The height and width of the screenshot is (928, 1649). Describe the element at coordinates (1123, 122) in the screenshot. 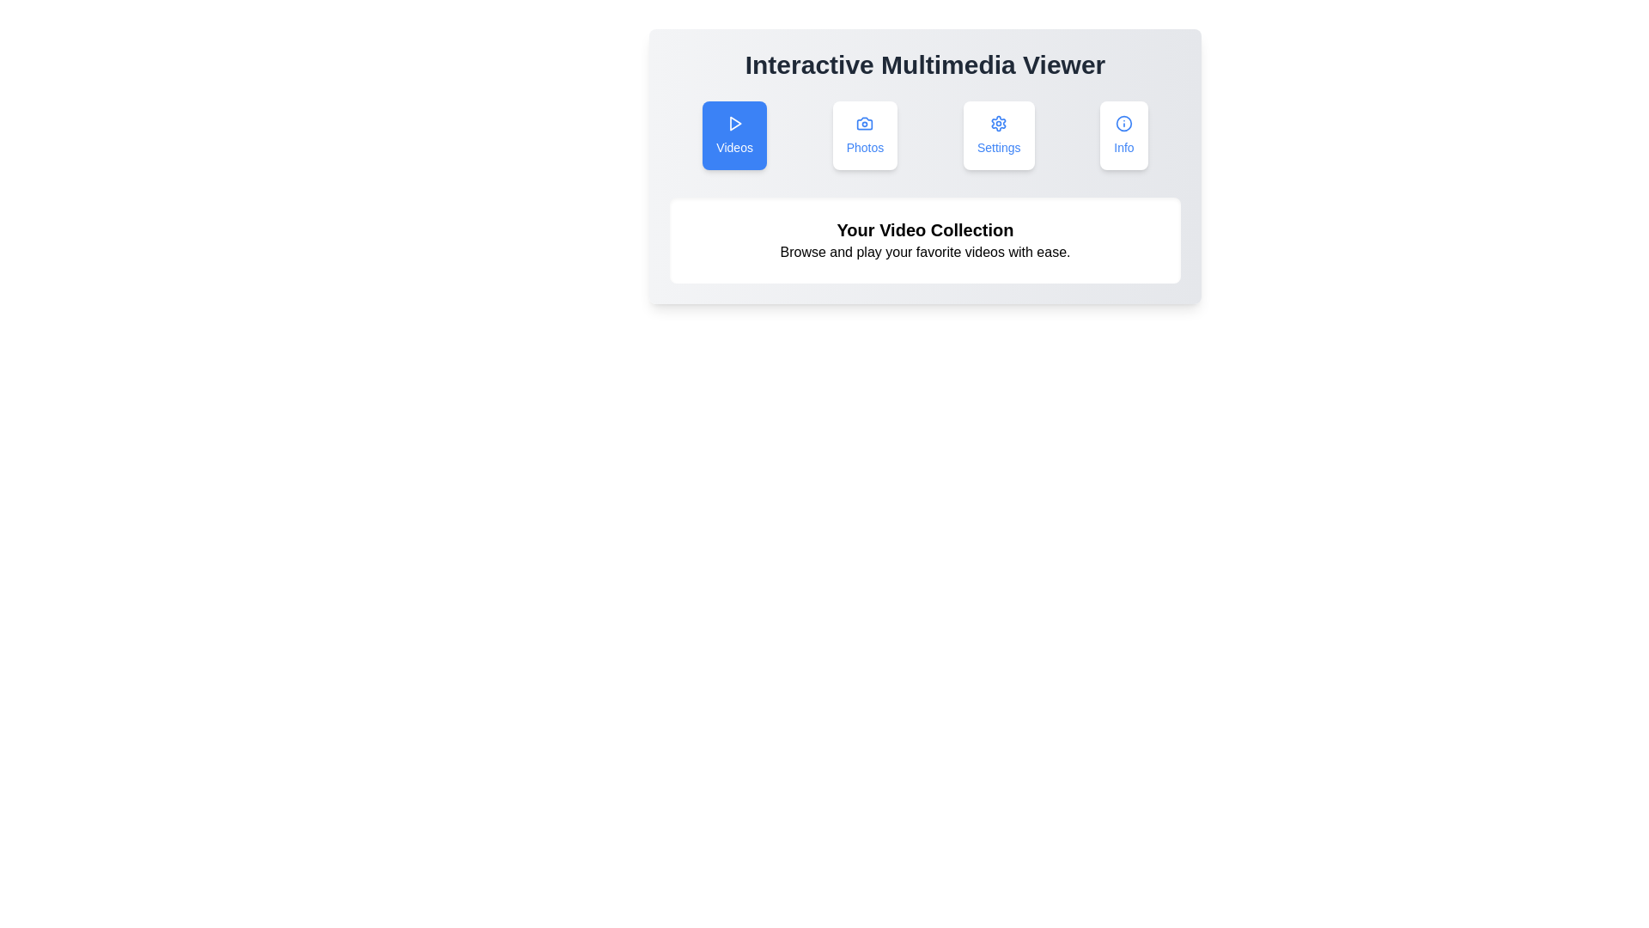

I see `the informational icon located in the top-right corner of the 'Info' box, which is the fourth icon from the left in the navigation grid of the 'Interactive Multimedia Viewer.'` at that location.